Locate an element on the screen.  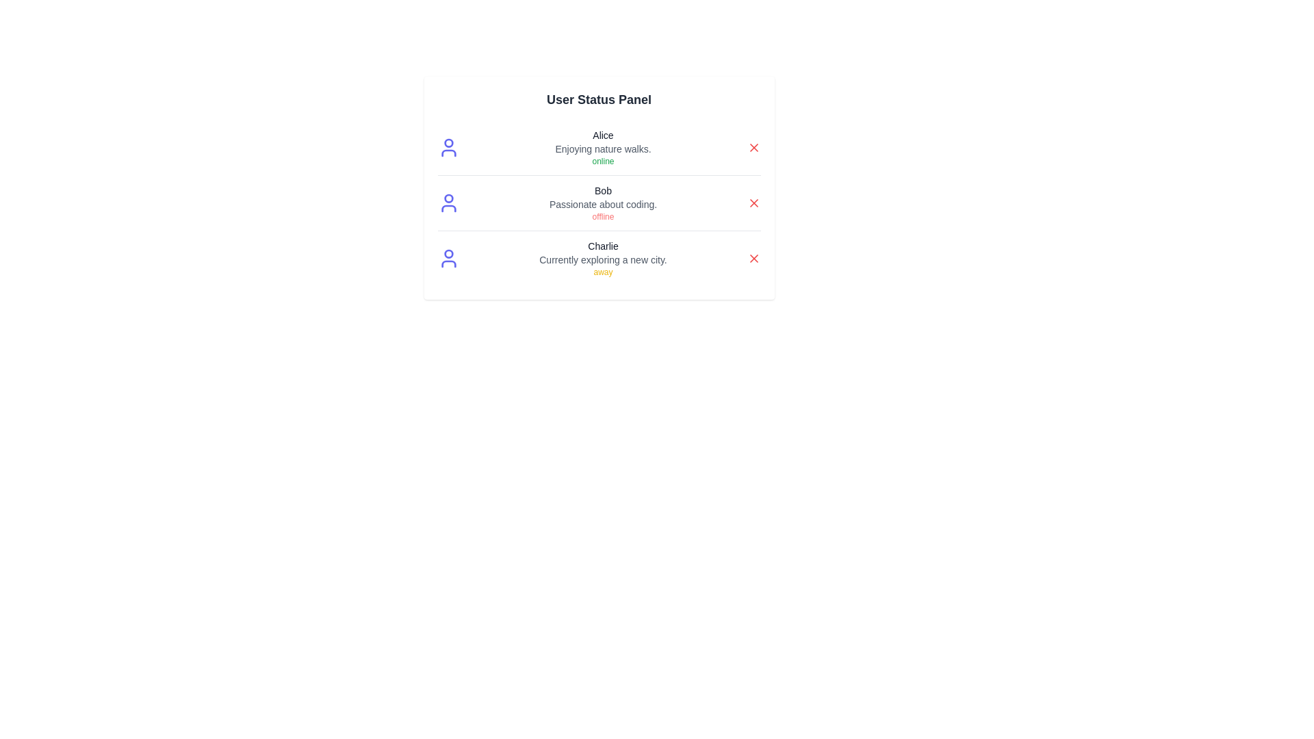
the SVG circle component representing the head of the user icon for 'Bob' is located at coordinates (448, 198).